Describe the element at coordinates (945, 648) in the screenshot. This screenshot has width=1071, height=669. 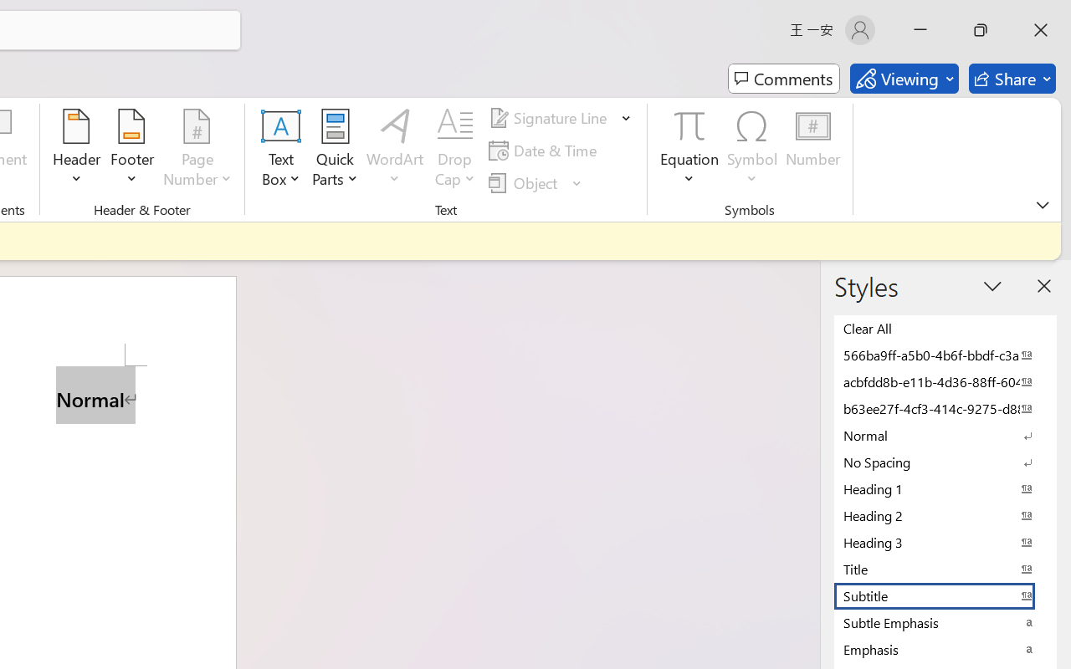
I see `'Emphasis'` at that location.